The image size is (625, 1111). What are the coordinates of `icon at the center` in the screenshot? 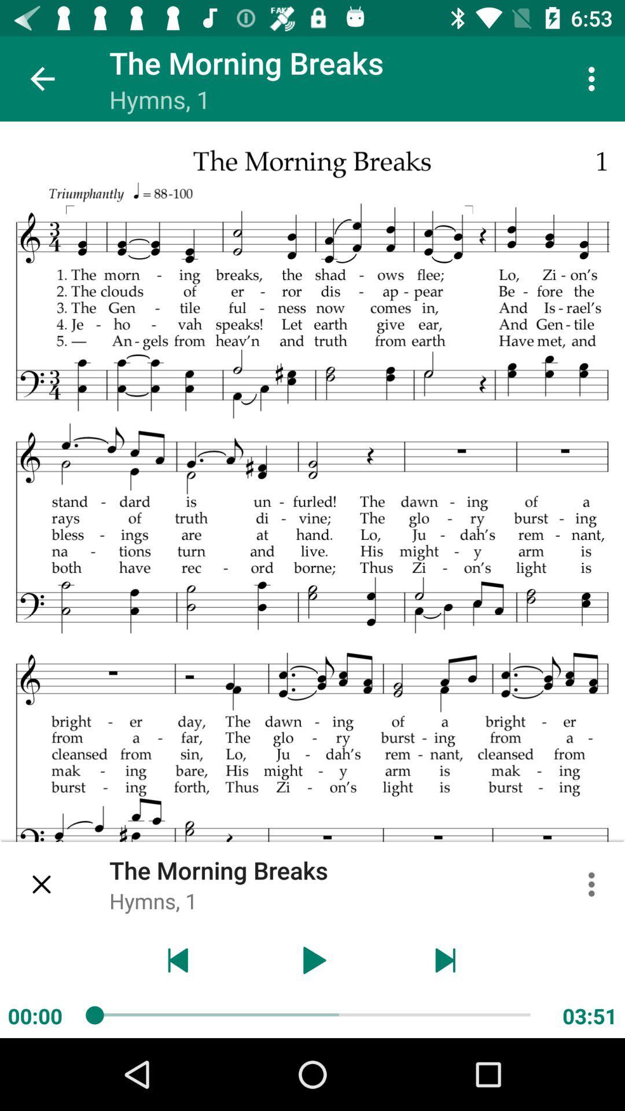 It's located at (312, 580).